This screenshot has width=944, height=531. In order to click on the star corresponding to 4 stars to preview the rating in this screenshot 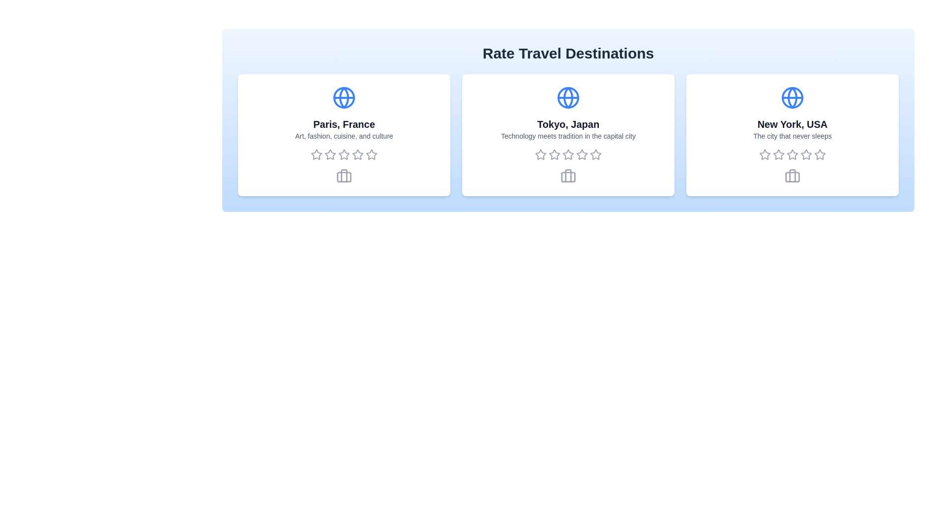, I will do `click(357, 155)`.